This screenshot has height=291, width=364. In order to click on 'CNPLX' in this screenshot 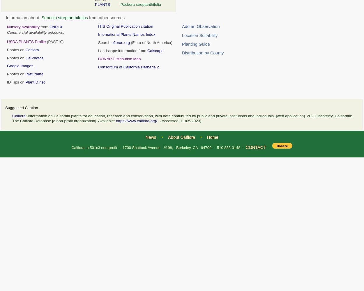, I will do `click(49, 26)`.